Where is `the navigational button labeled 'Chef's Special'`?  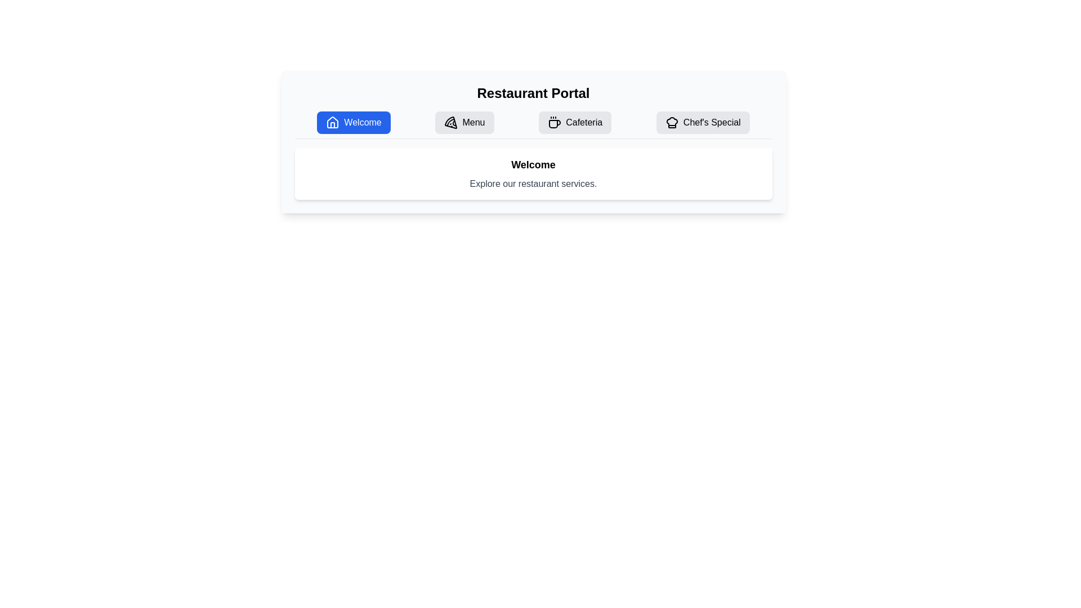
the navigational button labeled 'Chef's Special' is located at coordinates (702, 123).